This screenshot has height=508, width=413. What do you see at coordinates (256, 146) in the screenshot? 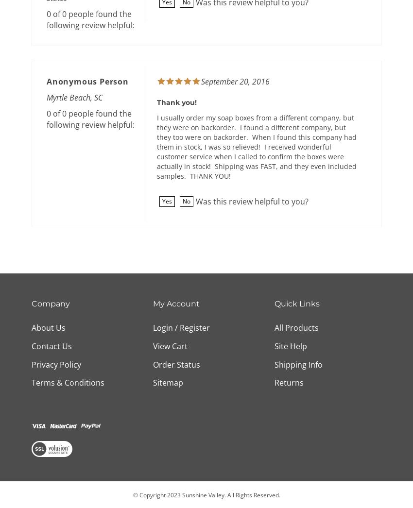
I see `'I usually order my soap boxes from a different company, but they were on backorder.  I found a different company, but they too were on backorder.  When I found this company had them in stock, I was so relieved!  I received wonderful customer service when I called to confirm the boxes were actually in stock!  Shipping was FAST, and they even included samples.  THANK YOU!'` at bounding box center [256, 146].